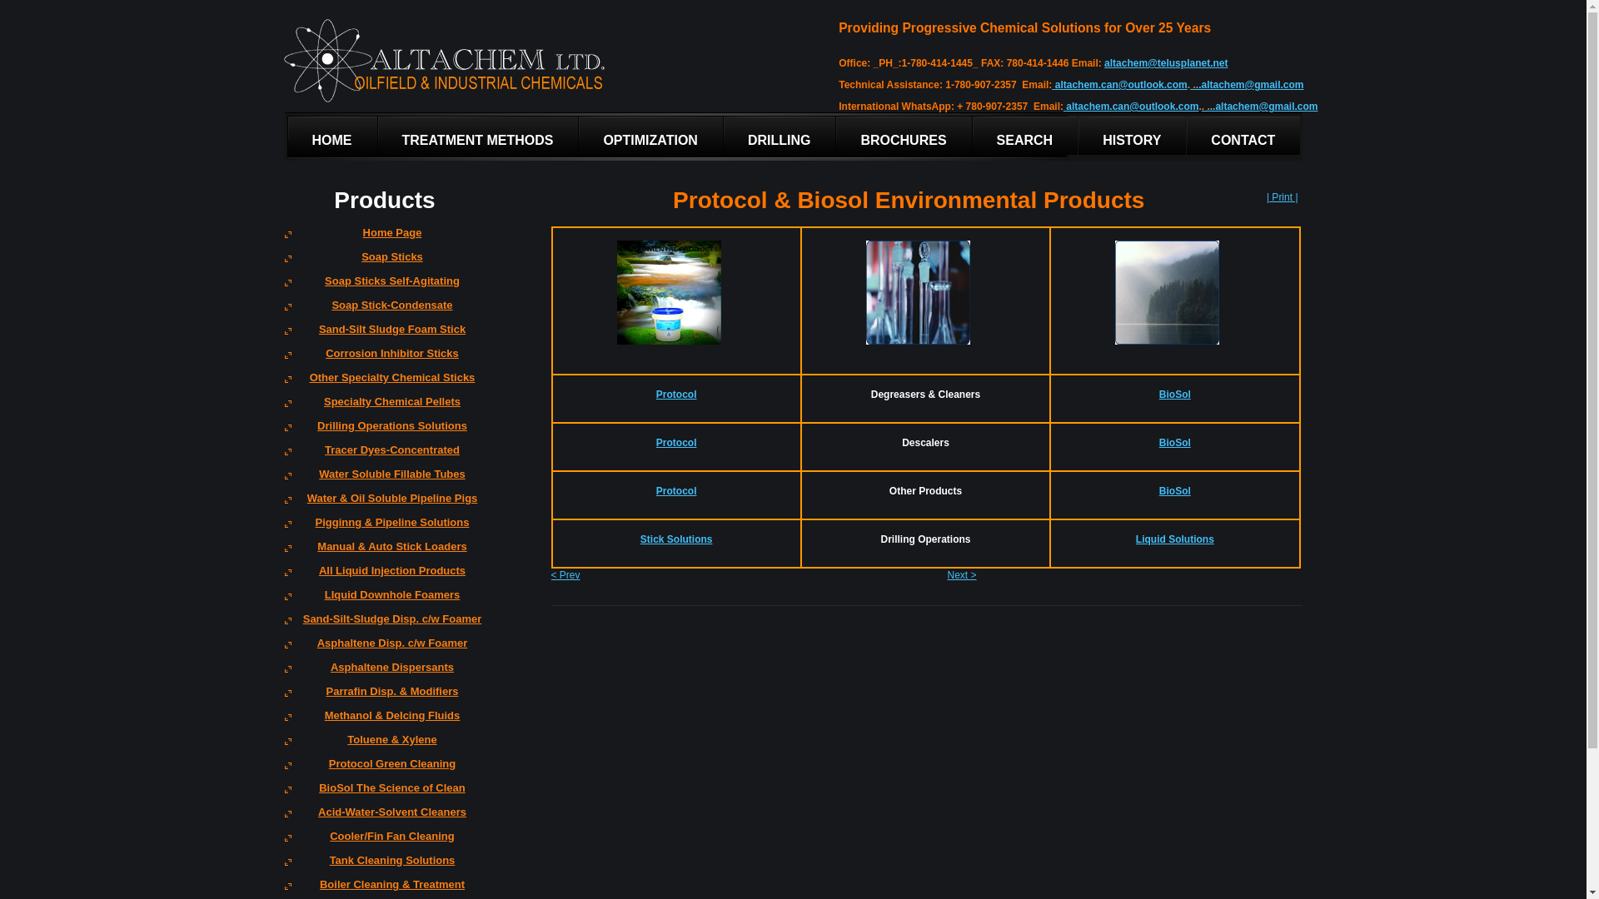  Describe the element at coordinates (384, 648) in the screenshot. I see `'Asphaltene Disp. c/w Foamer'` at that location.